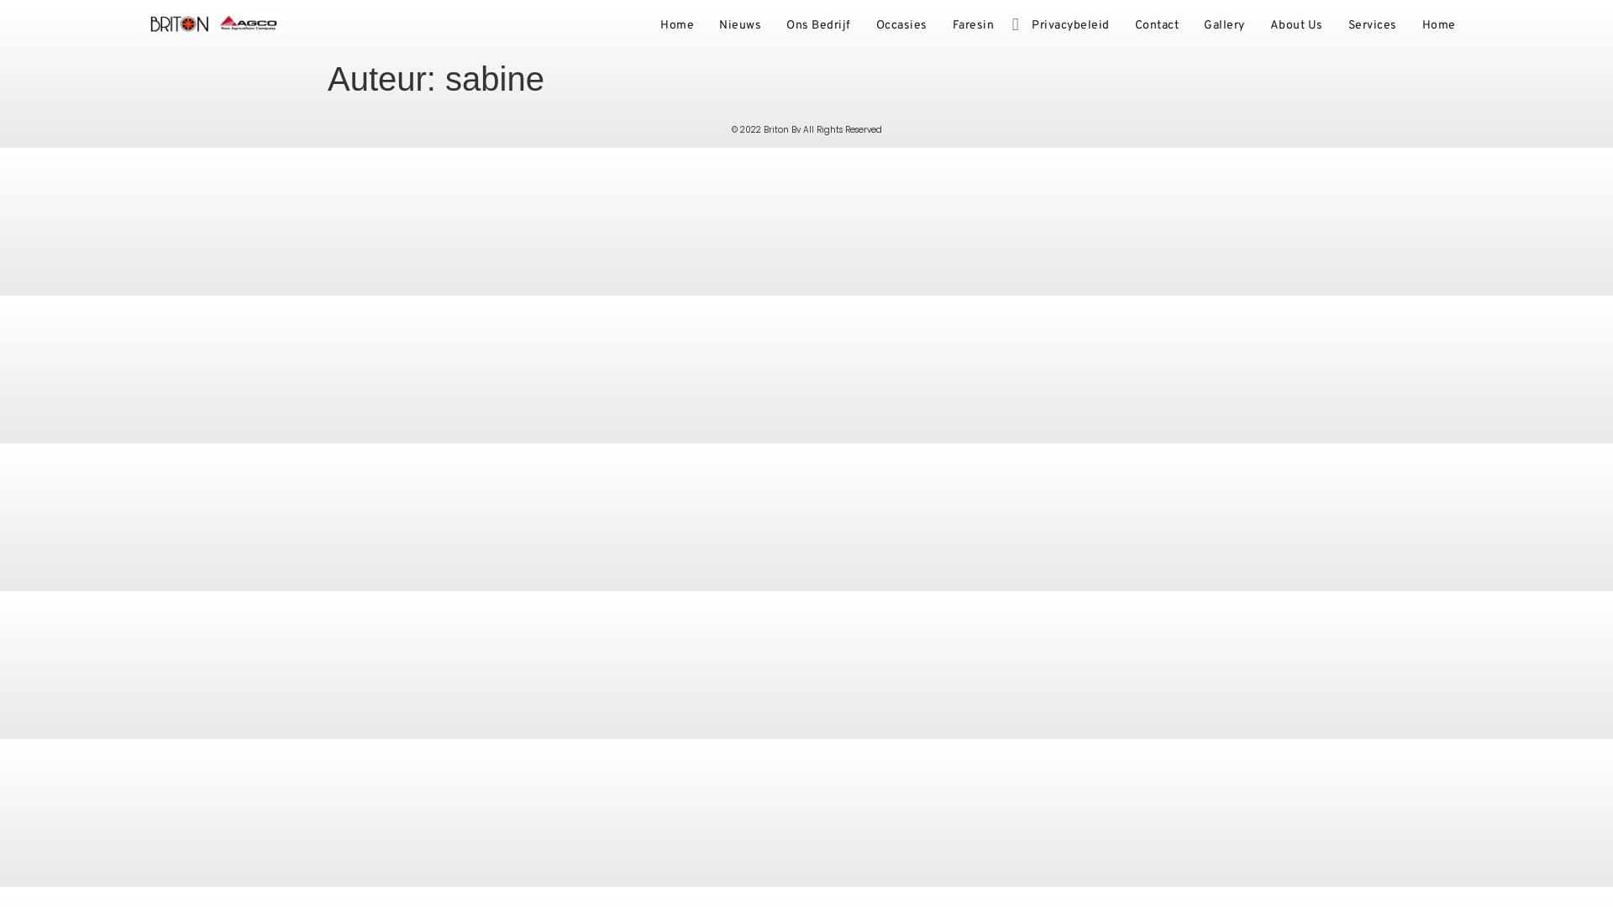 The image size is (1613, 907). What do you see at coordinates (1295, 25) in the screenshot?
I see `'About Us'` at bounding box center [1295, 25].